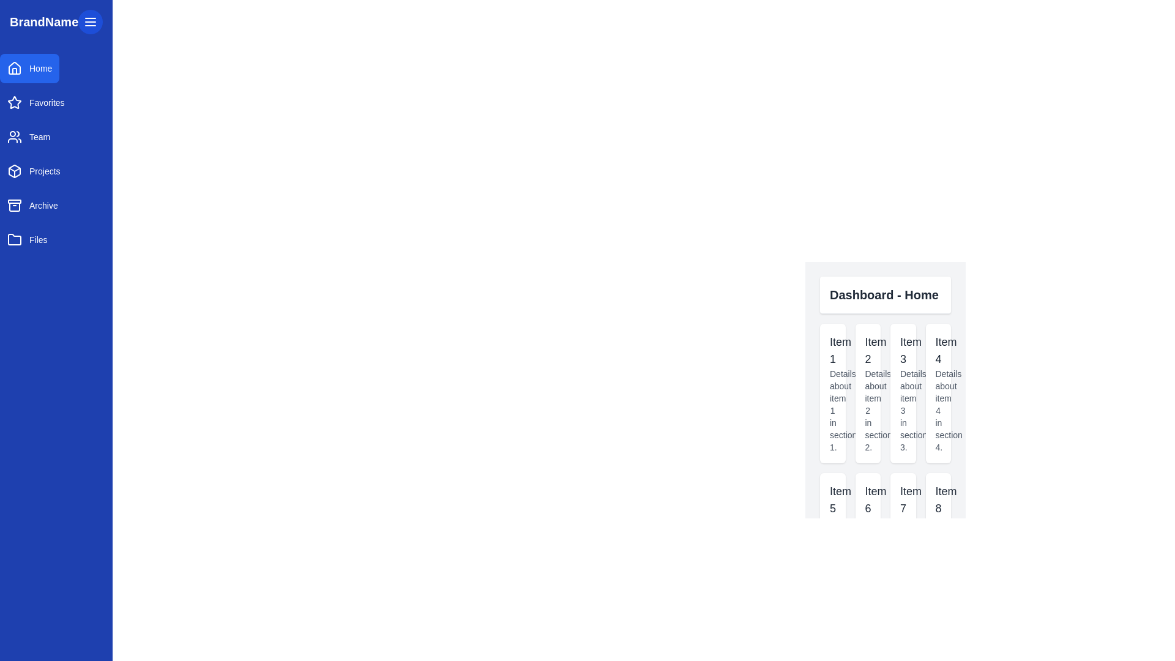 Image resolution: width=1175 pixels, height=661 pixels. Describe the element at coordinates (832, 411) in the screenshot. I see `the Text Label that provides details related to 'Item 1' in the dashboard layout` at that location.